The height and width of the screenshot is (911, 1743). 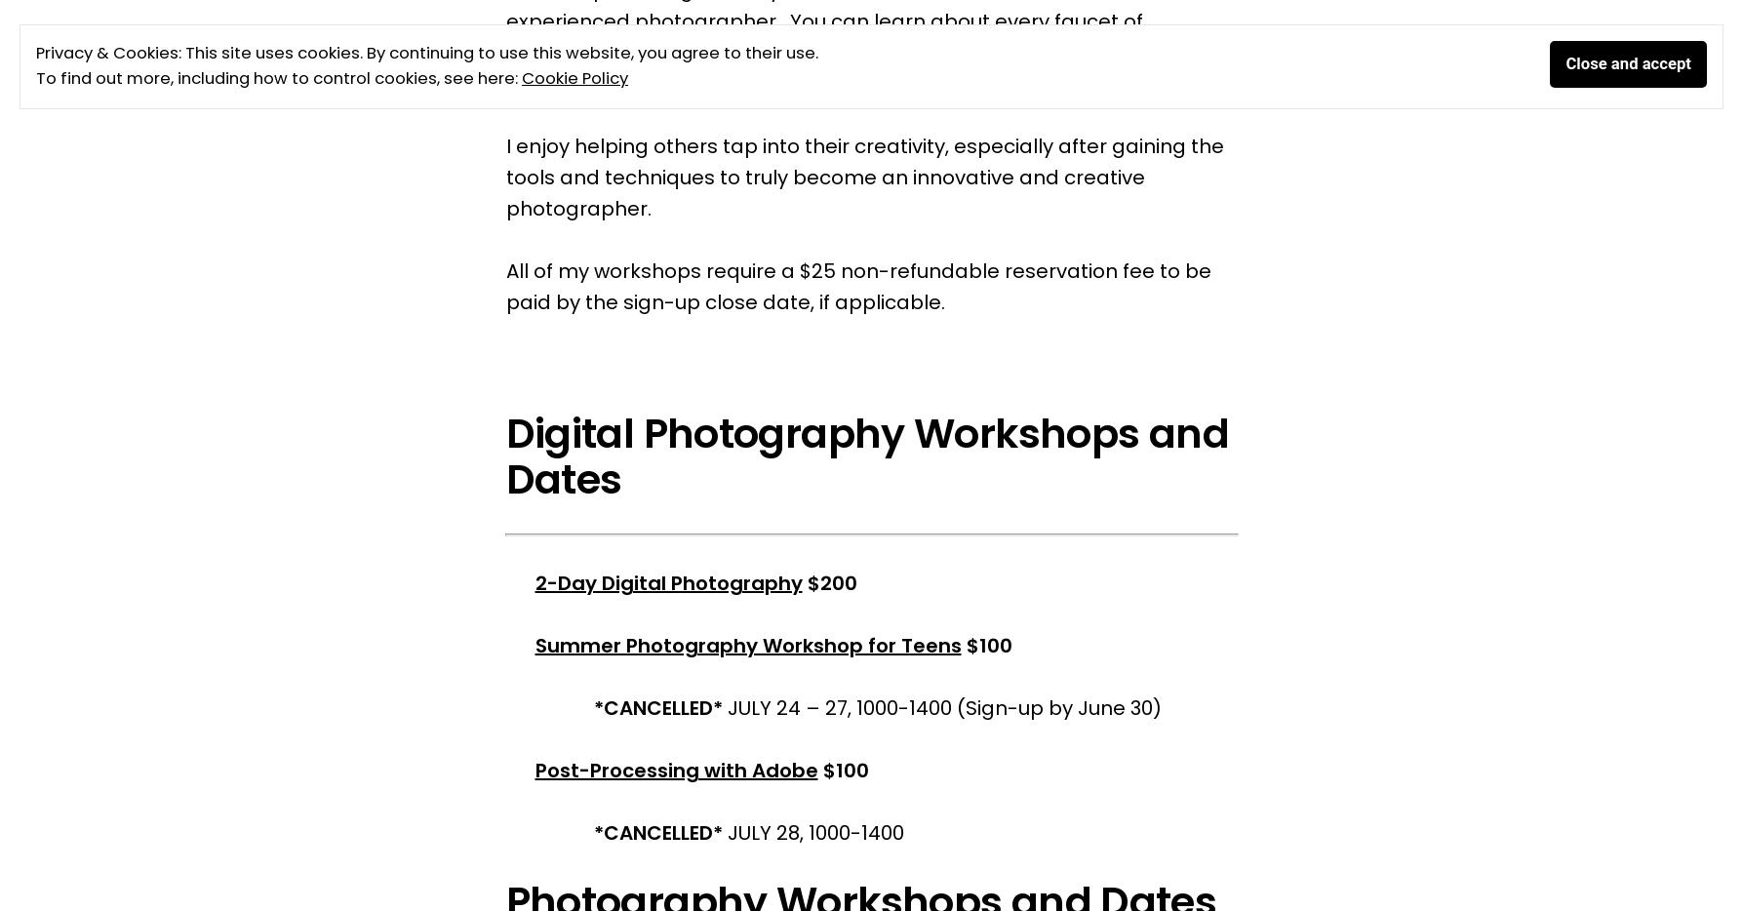 I want to click on 'To find out more, including how to control cookies, see here:', so click(x=277, y=78).